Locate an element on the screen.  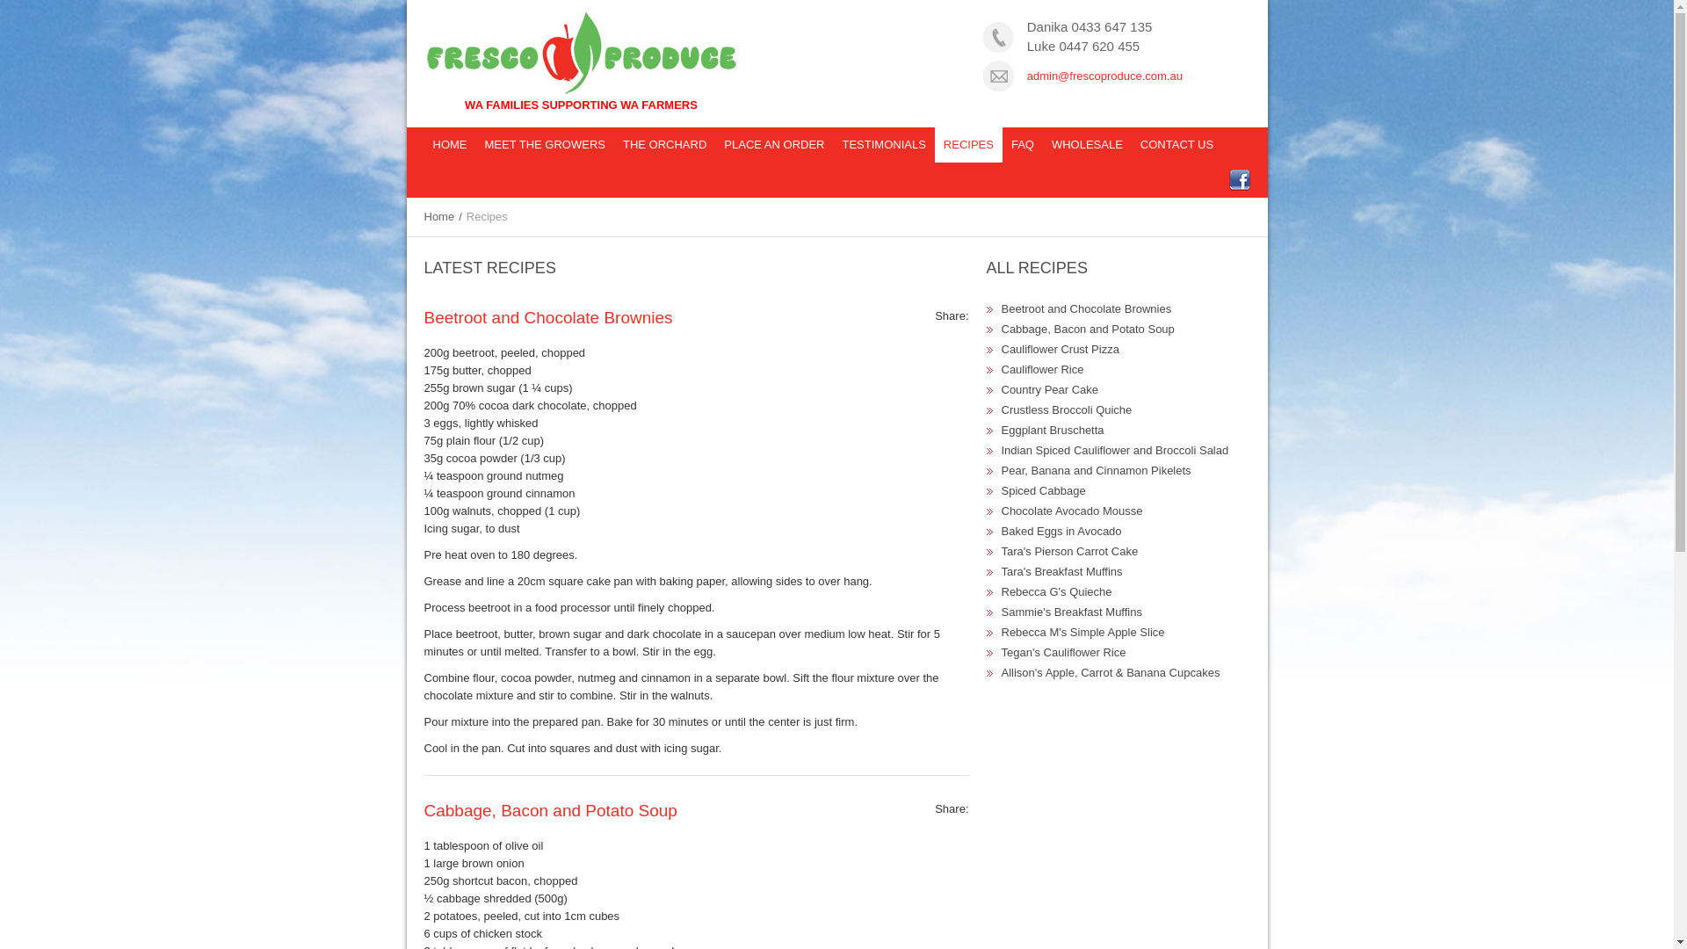
'View our Facebook group' is located at coordinates (1236, 179).